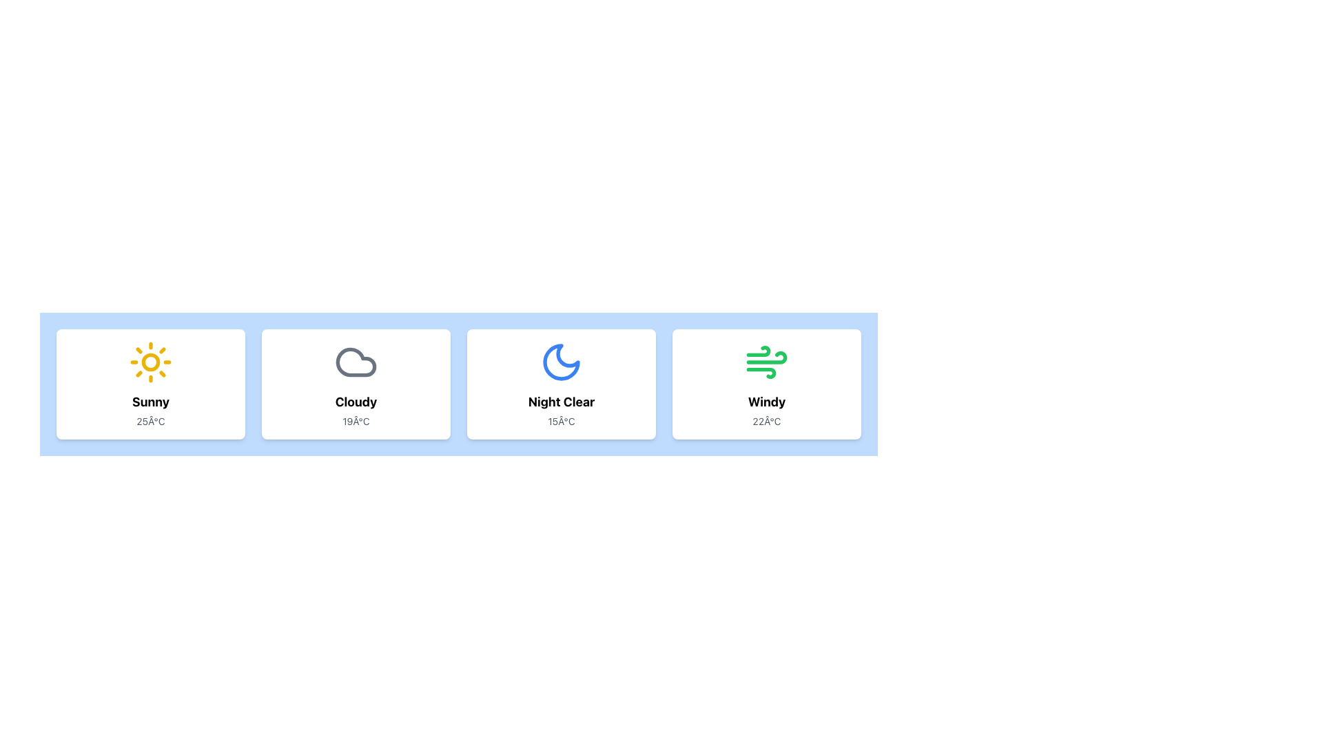  I want to click on the static text display that shows the weather condition 'Sunny', which is located below the yellow sun icon and above the temperature indication '25°C', so click(151, 402).